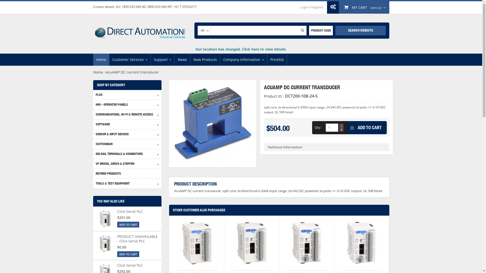 The image size is (486, 273). Describe the element at coordinates (127, 144) in the screenshot. I see `'SWITCHGEAR'` at that location.